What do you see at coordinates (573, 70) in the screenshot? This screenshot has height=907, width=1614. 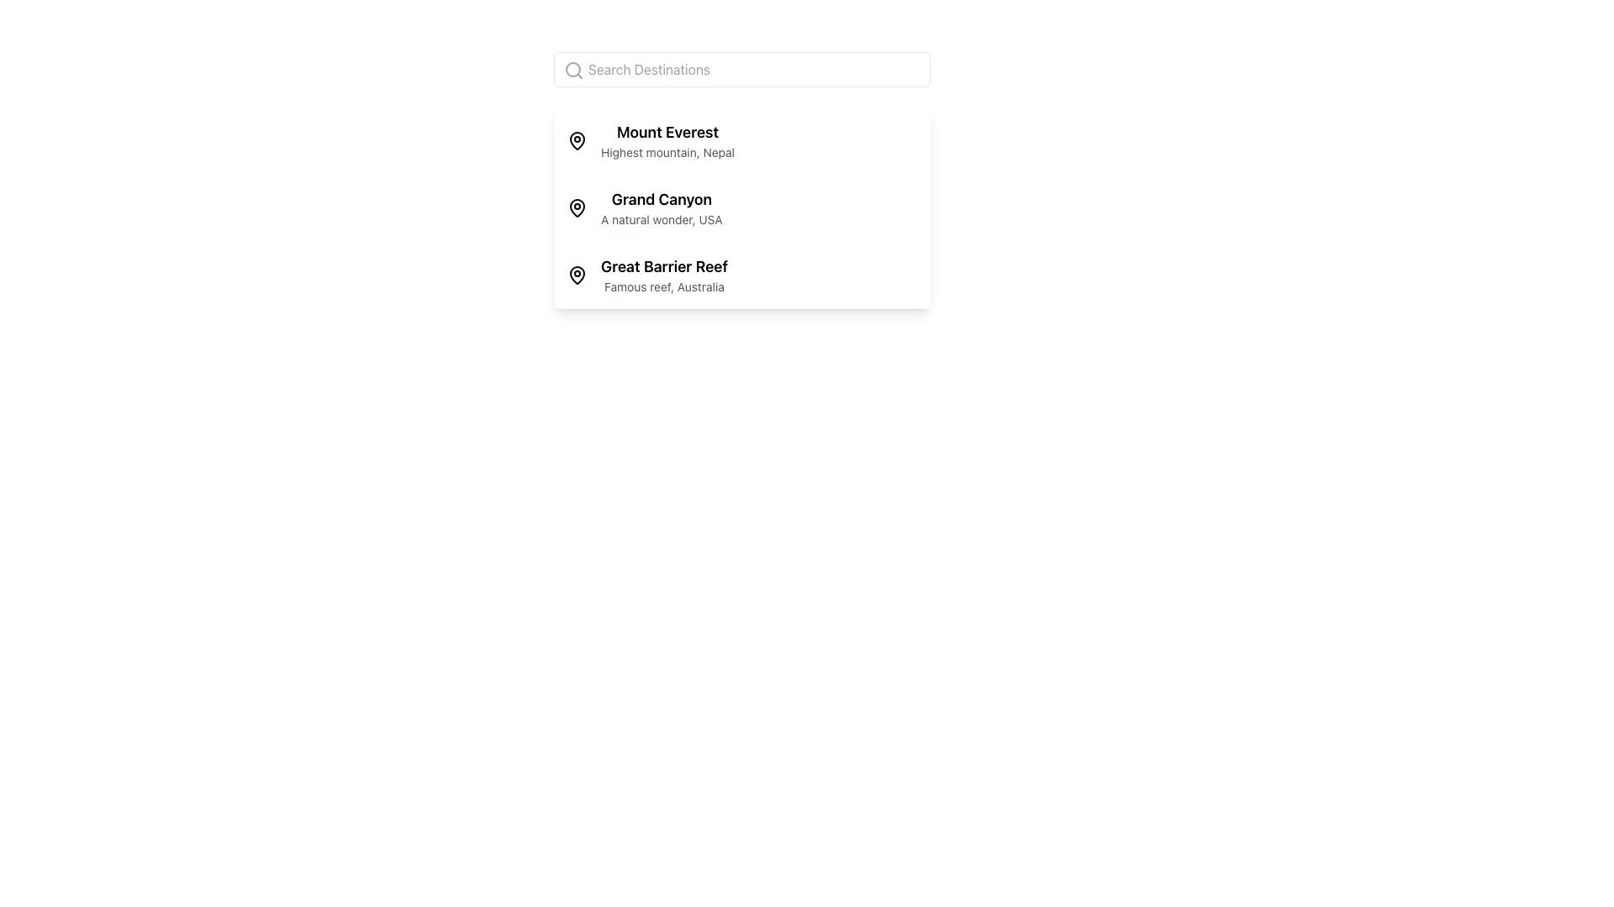 I see `the search icon styled with a magnifying glass graphic located at the far left side of the search input field adjacent to the text placeholder 'Search Destinations.'` at bounding box center [573, 70].